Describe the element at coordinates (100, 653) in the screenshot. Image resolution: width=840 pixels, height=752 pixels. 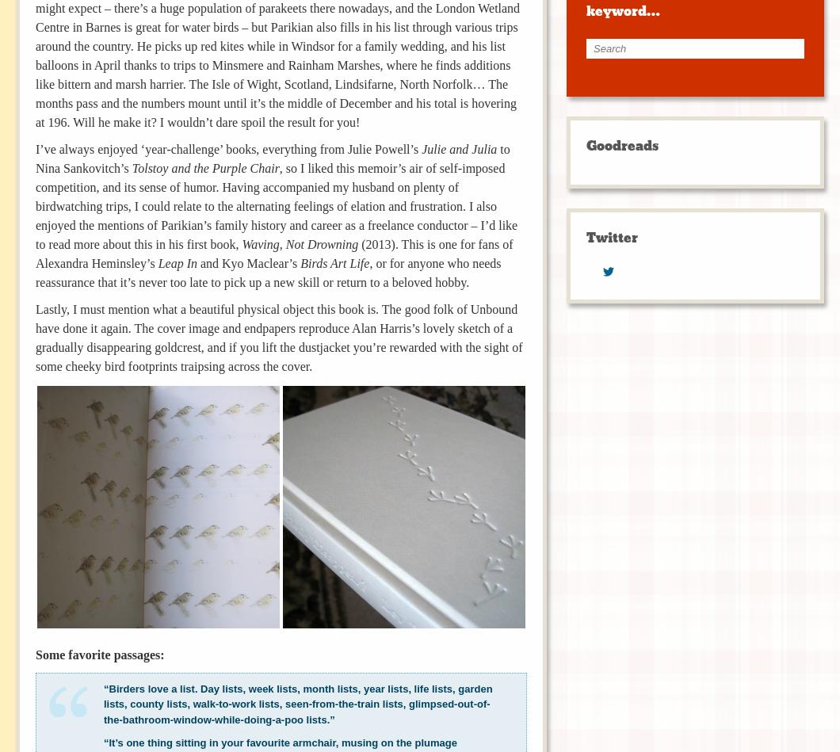
I see `'Some favorite passages:'` at that location.